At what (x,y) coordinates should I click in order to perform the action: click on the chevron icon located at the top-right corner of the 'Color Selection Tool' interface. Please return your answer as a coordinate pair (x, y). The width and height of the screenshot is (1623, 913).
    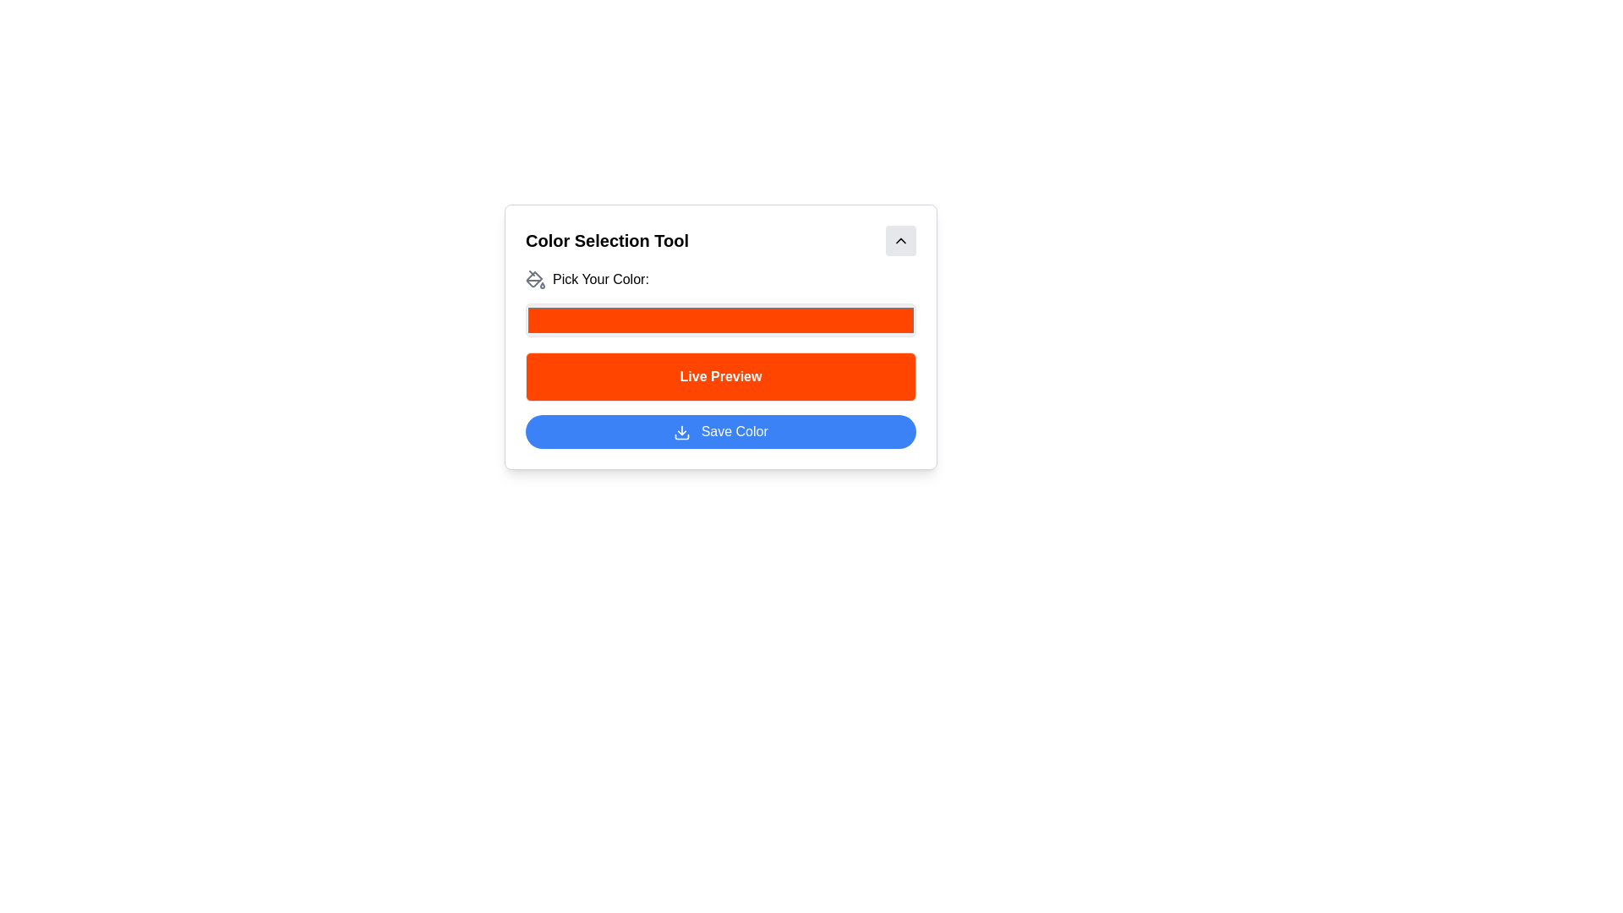
    Looking at the image, I should click on (899, 241).